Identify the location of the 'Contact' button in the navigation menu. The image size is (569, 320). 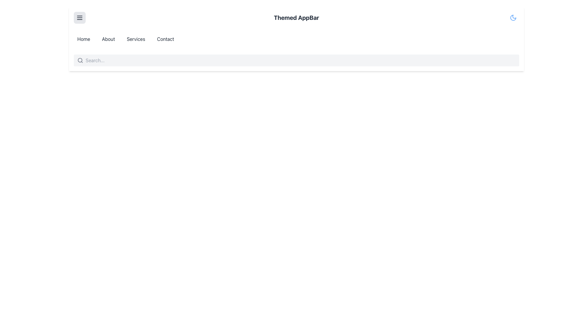
(165, 39).